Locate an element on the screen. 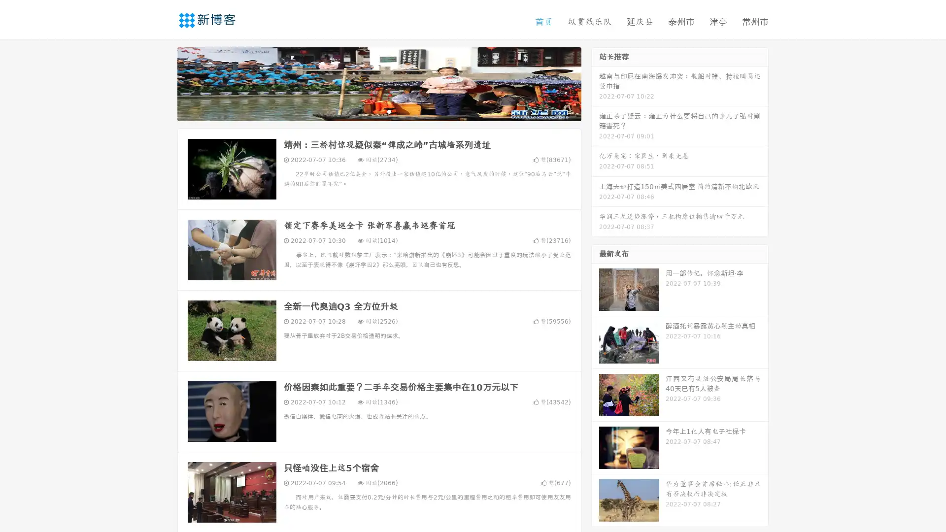 This screenshot has width=946, height=532. Go to slide 1 is located at coordinates (369, 111).